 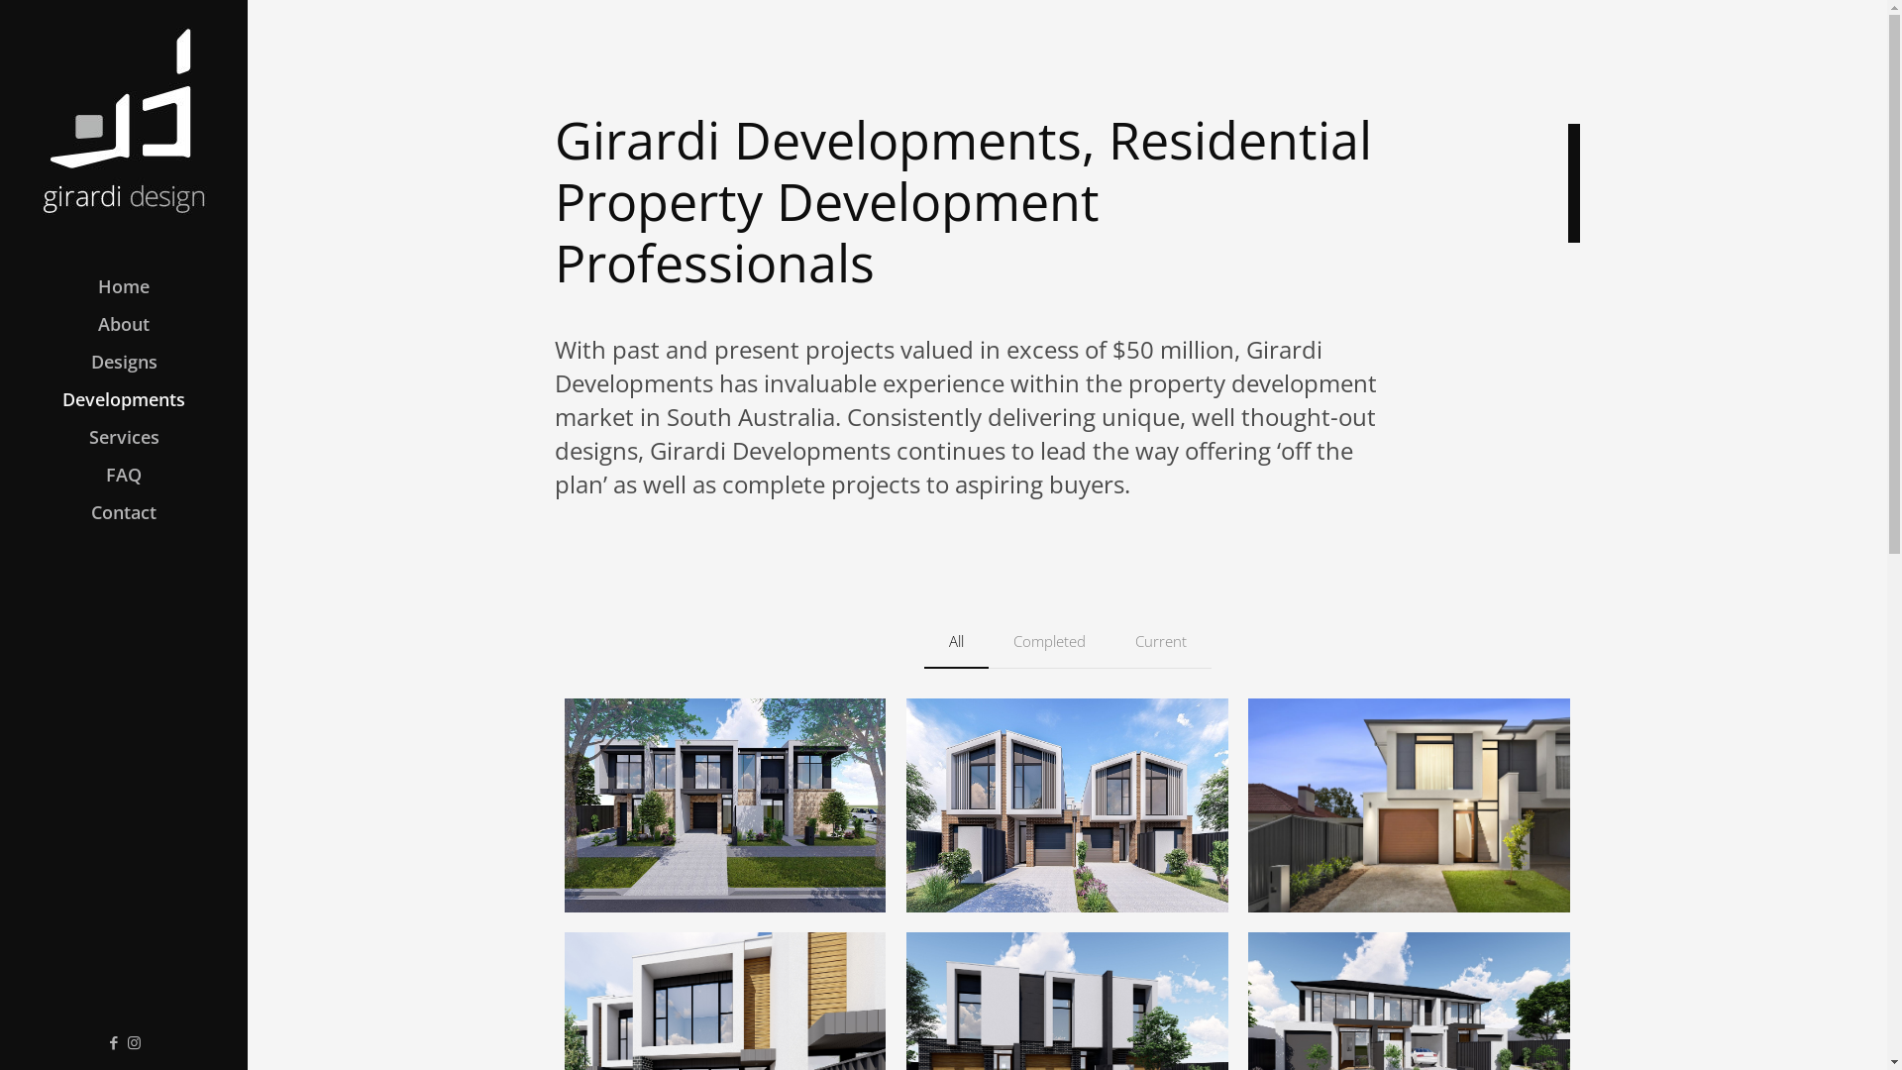 I want to click on 'Contact', so click(x=122, y=510).